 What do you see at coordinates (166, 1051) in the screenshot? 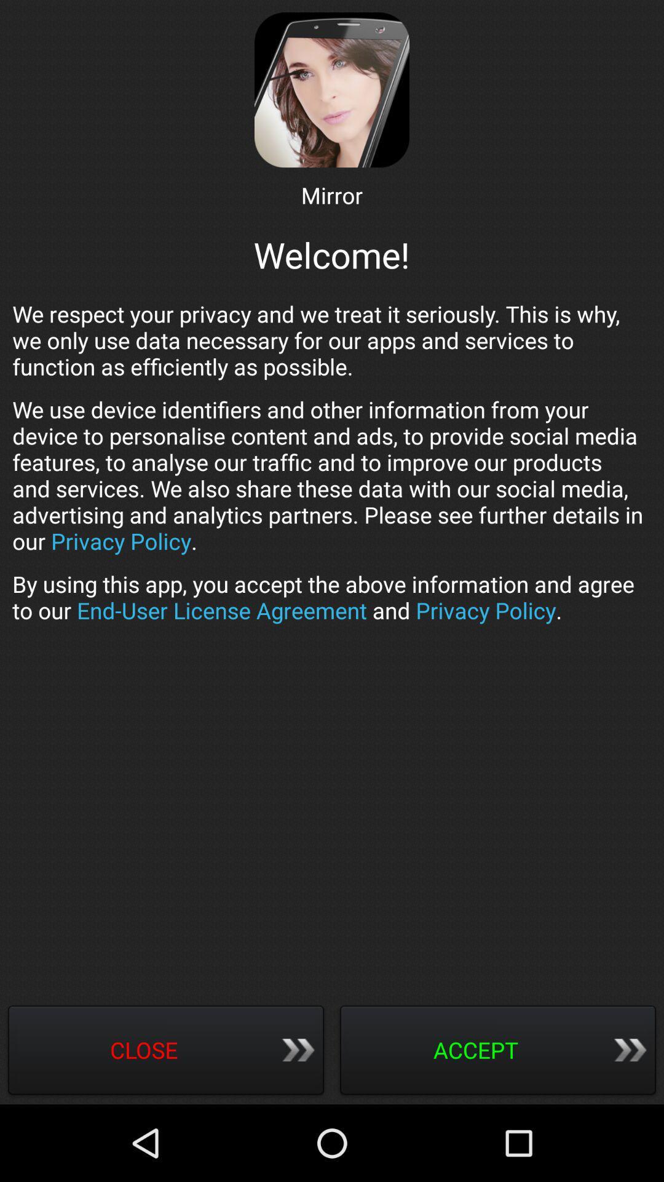
I see `button to the left of the accept icon` at bounding box center [166, 1051].